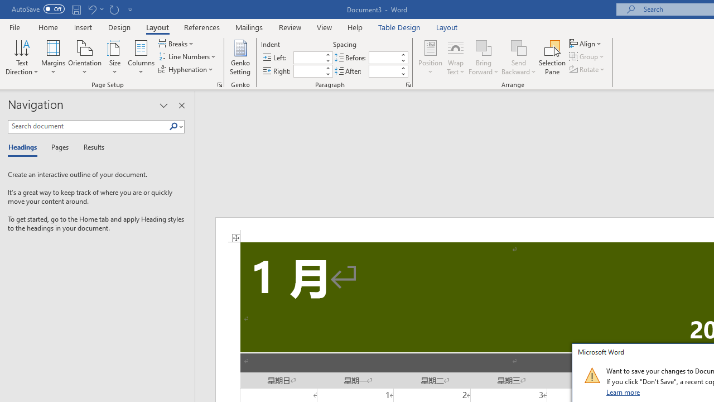 This screenshot has width=714, height=402. What do you see at coordinates (53, 58) in the screenshot?
I see `'Margins'` at bounding box center [53, 58].